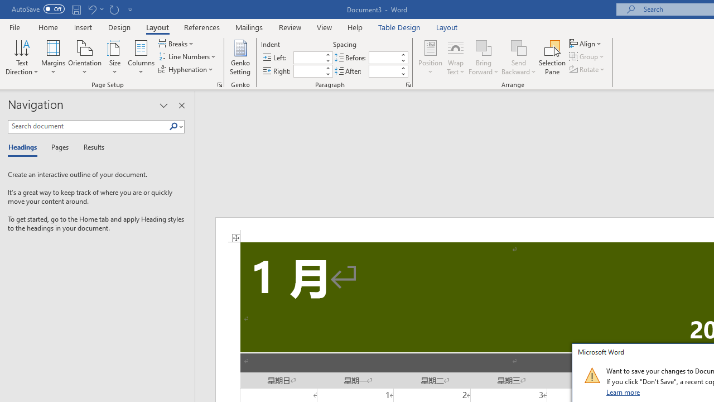 This screenshot has width=714, height=402. What do you see at coordinates (53, 58) in the screenshot?
I see `'Margins'` at bounding box center [53, 58].